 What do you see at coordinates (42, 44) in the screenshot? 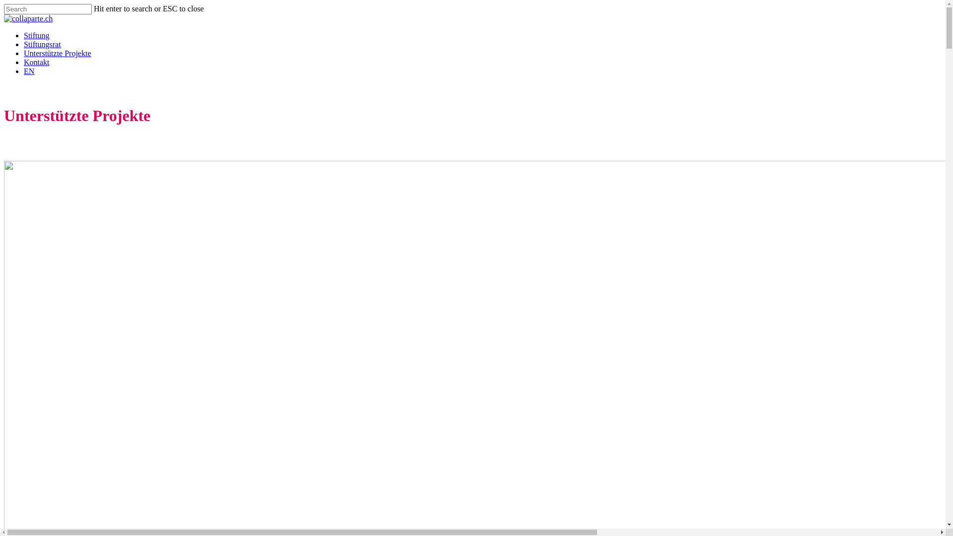
I see `'Stiftungsrat'` at bounding box center [42, 44].